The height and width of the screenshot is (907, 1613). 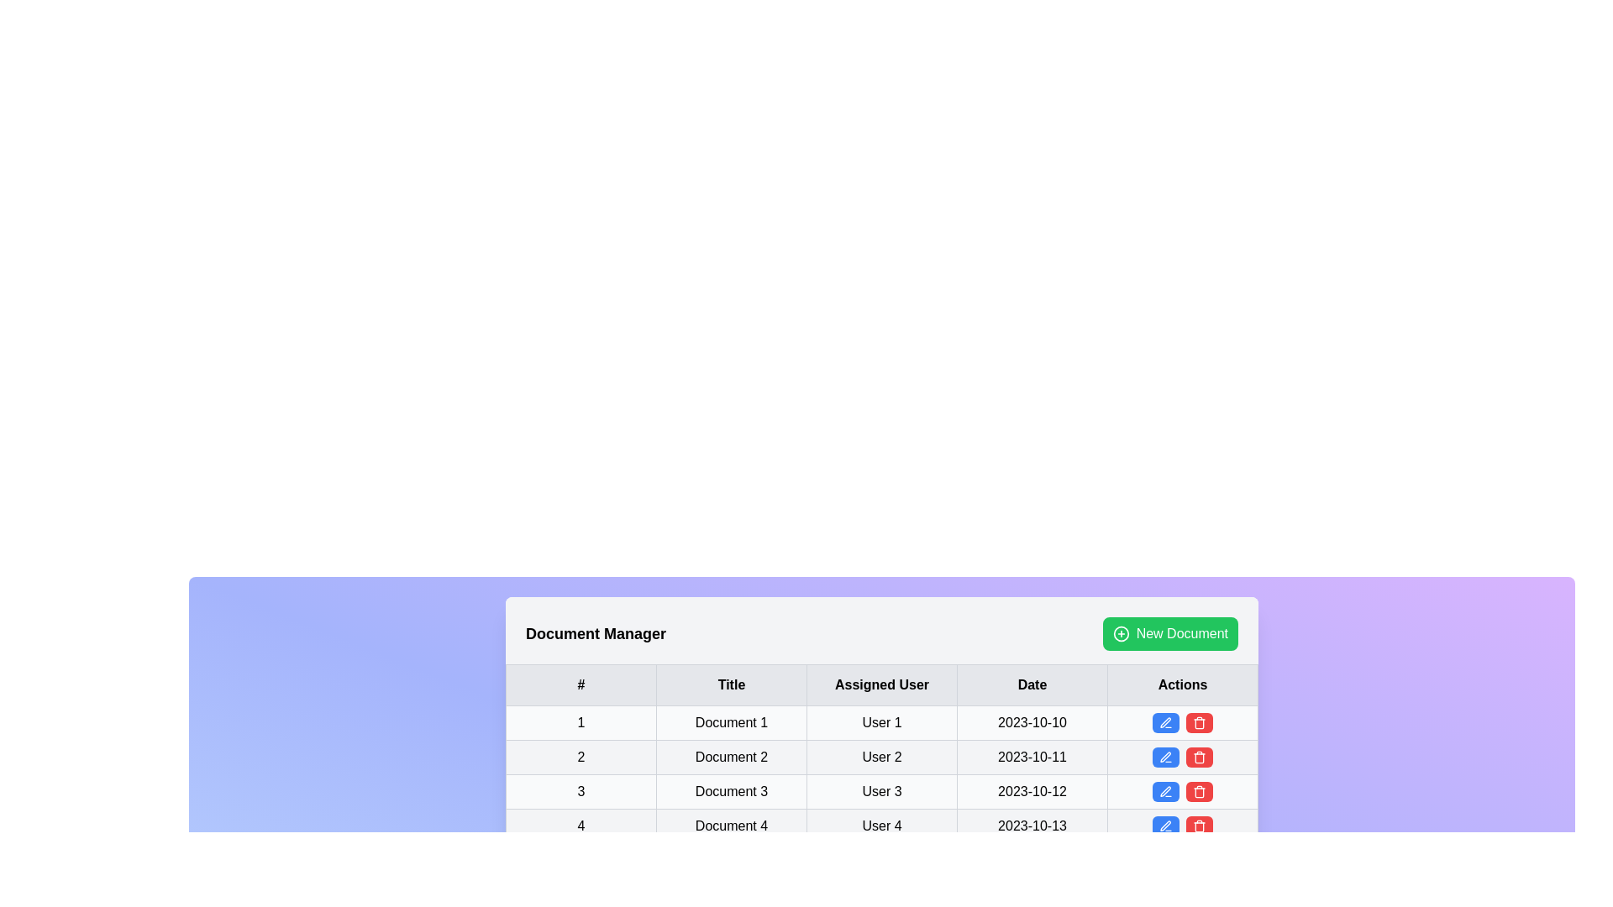 I want to click on the small red button with rounded corners and a trash can icon, so click(x=1199, y=758).